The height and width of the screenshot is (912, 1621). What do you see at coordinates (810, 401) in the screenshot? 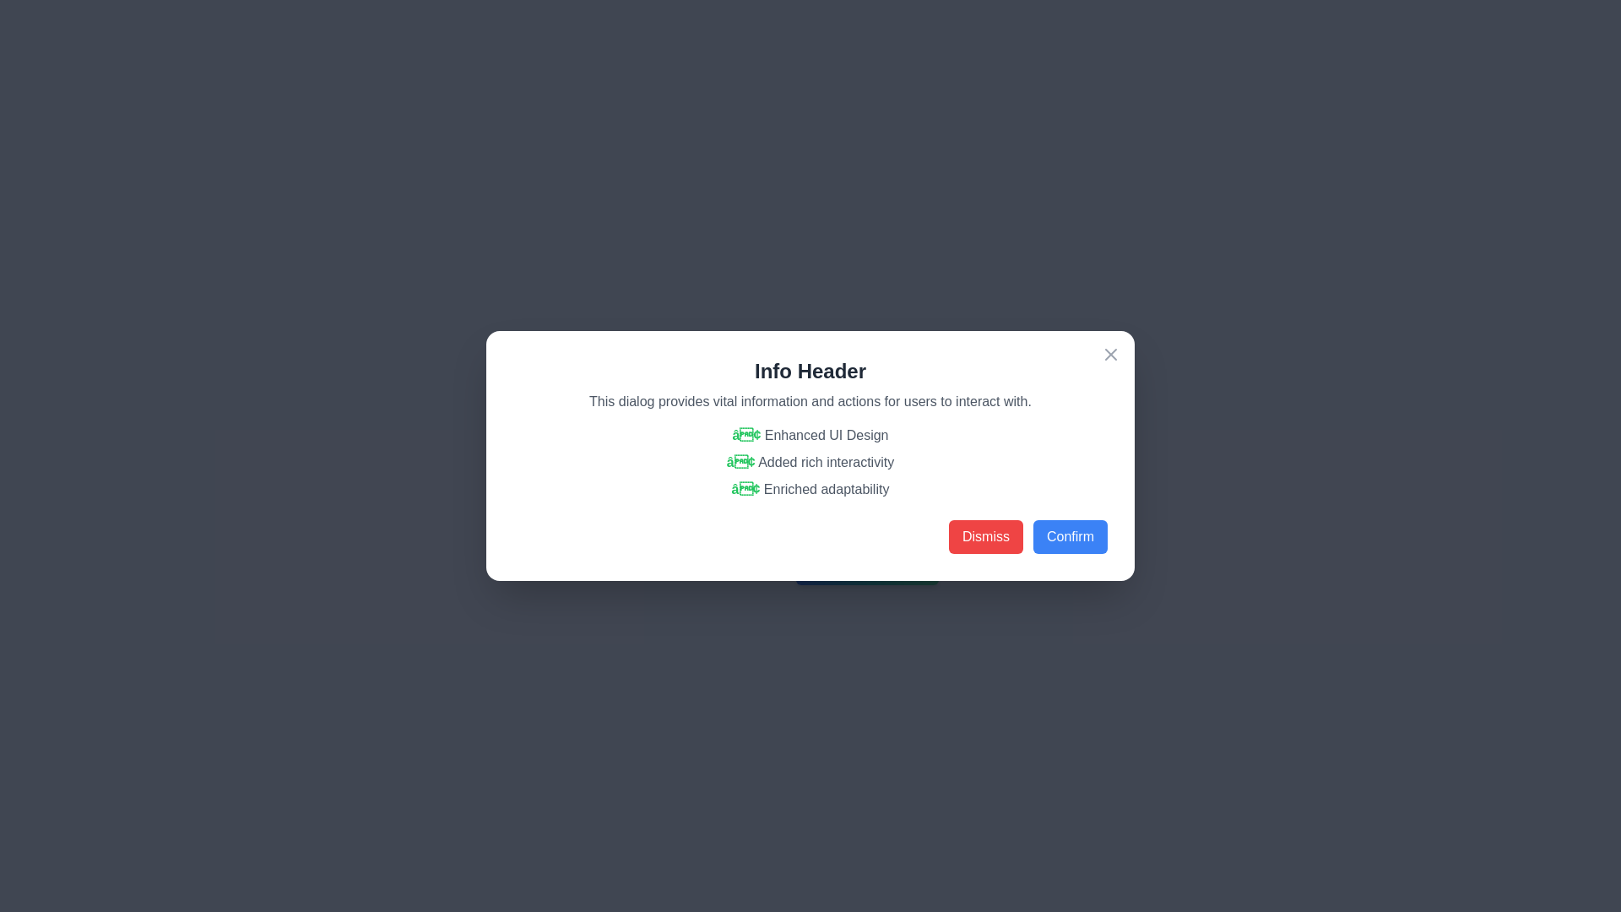
I see `the text element that displays the message 'This dialog provides vital information and actions for users to interact with.' which is located directly beneath the 'Info Header' in the dialog box` at bounding box center [810, 401].